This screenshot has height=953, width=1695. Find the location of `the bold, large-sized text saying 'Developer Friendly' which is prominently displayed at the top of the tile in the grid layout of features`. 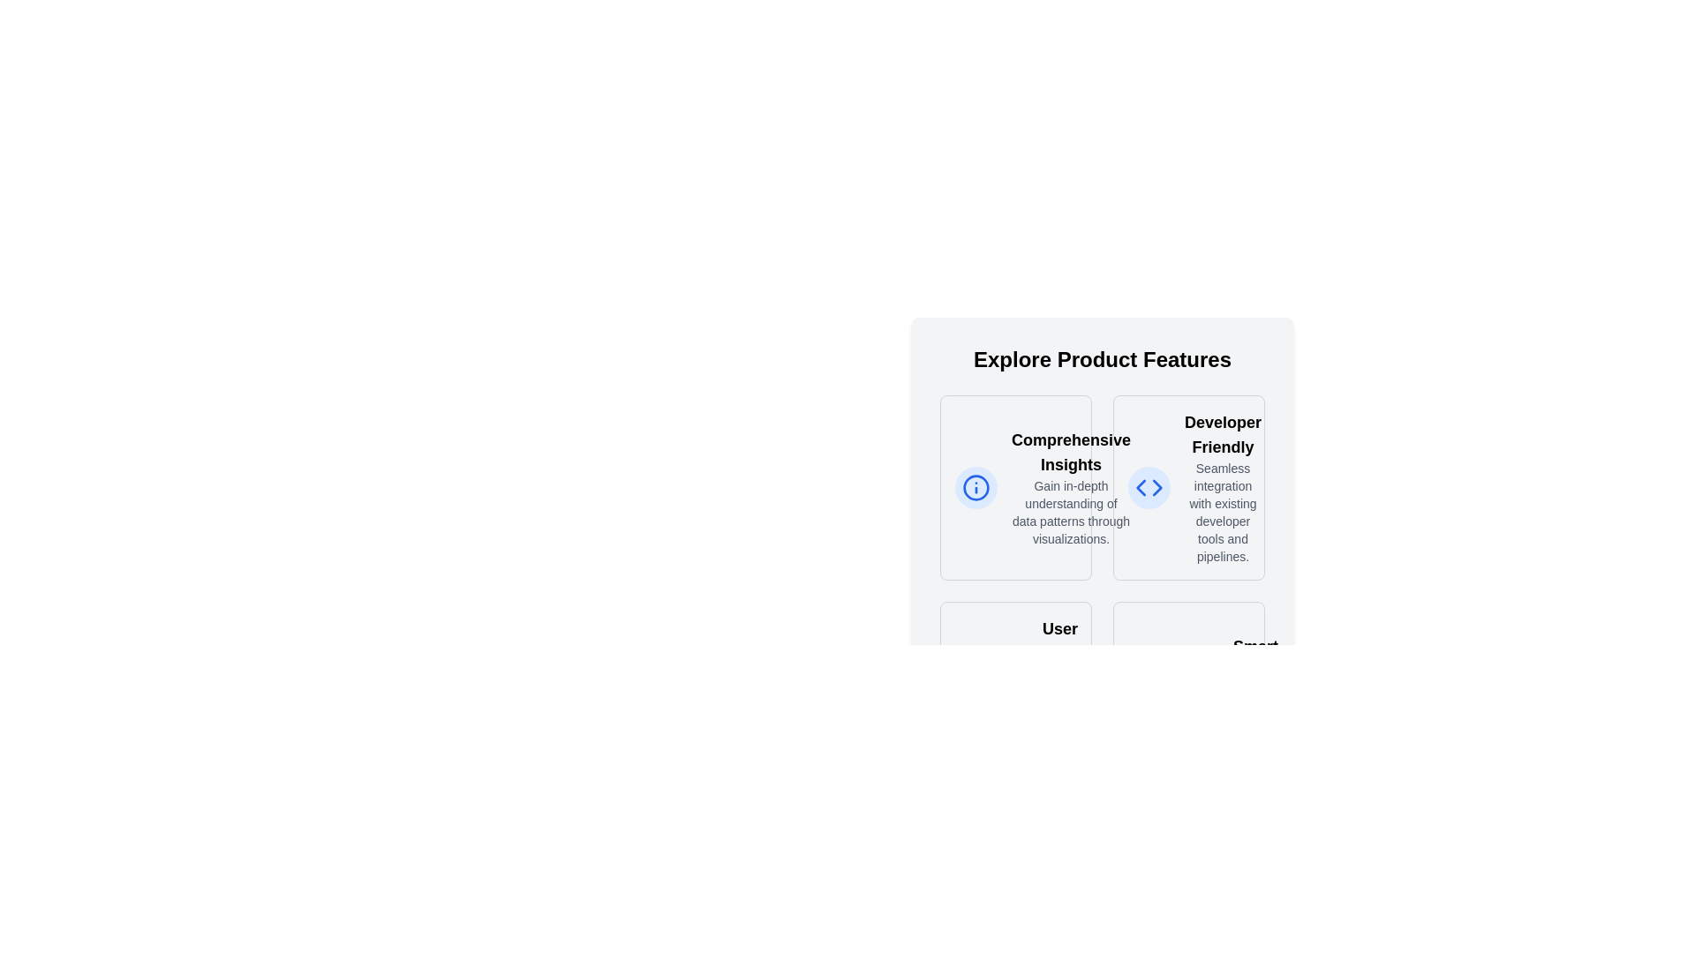

the bold, large-sized text saying 'Developer Friendly' which is prominently displayed at the top of the tile in the grid layout of features is located at coordinates (1222, 435).